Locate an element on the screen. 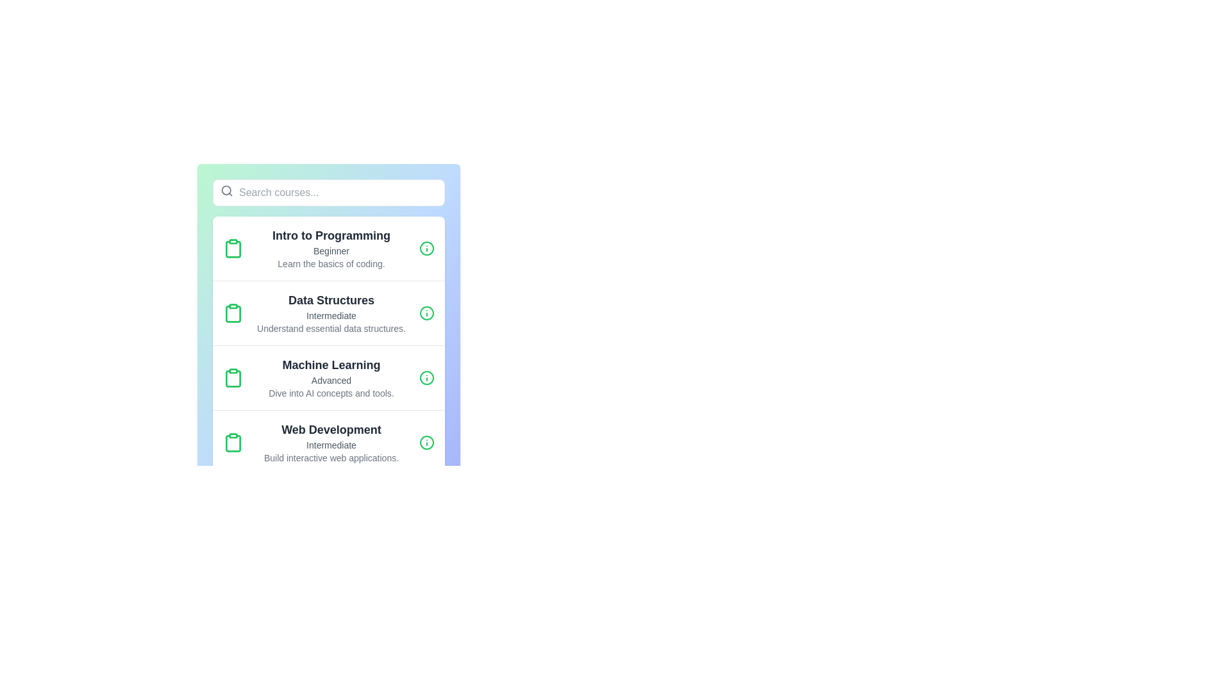 This screenshot has height=692, width=1231. the clipboard icon located to the left of the 'Data Structures' text in the second list item of the interface is located at coordinates (233, 313).